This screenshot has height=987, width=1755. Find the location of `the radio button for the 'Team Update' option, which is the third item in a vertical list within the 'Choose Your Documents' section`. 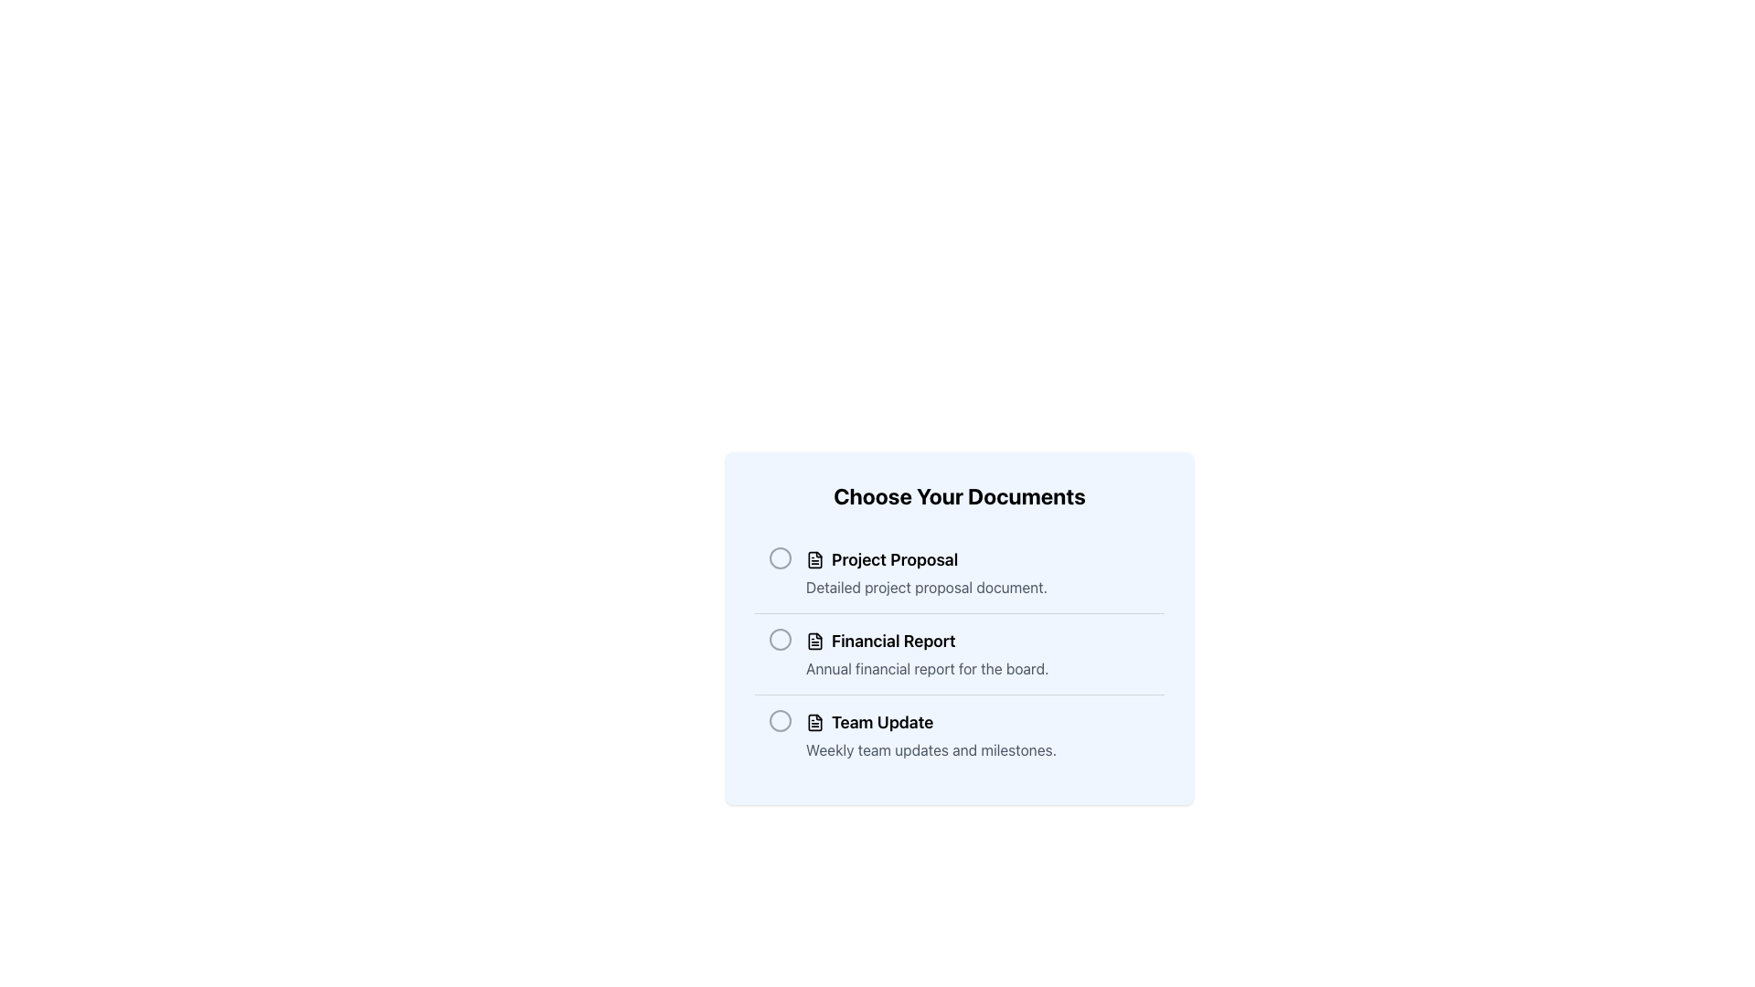

the radio button for the 'Team Update' option, which is the third item in a vertical list within the 'Choose Your Documents' section is located at coordinates (959, 735).